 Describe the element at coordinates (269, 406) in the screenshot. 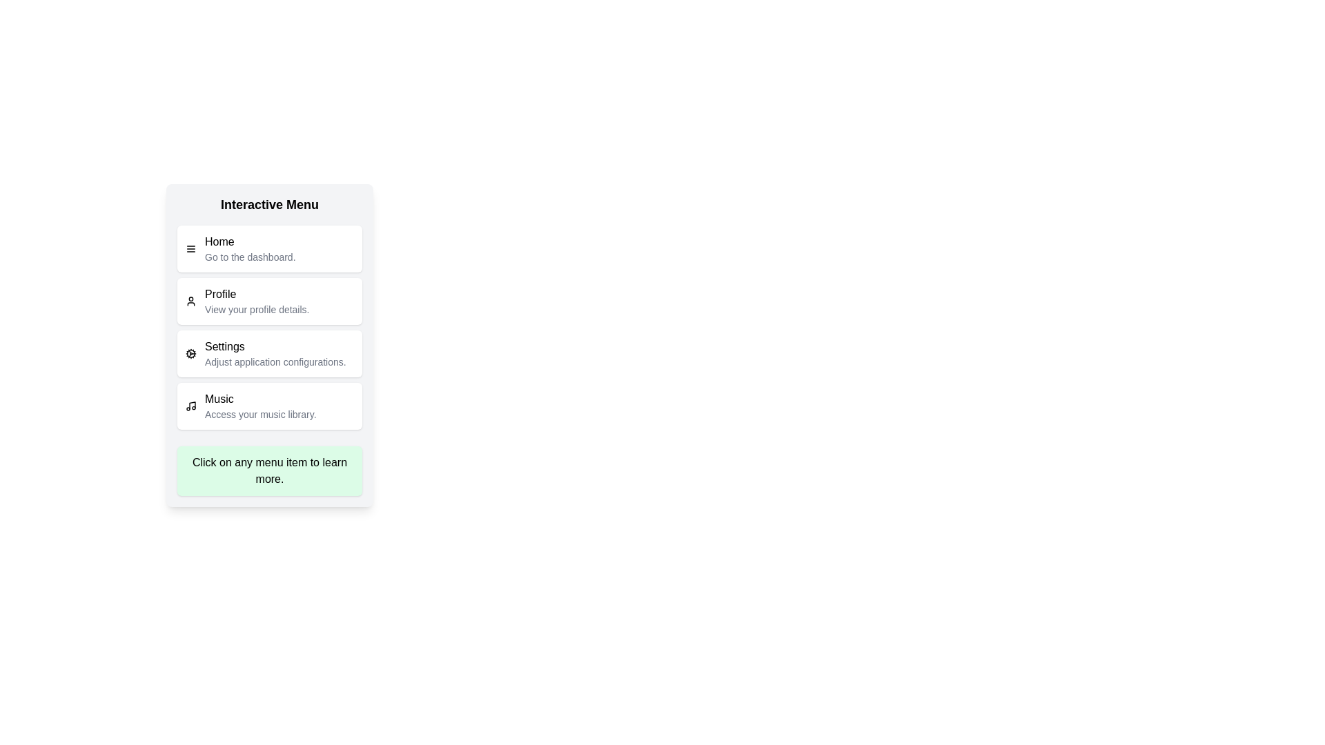

I see `the menu item labeled Music to see its hover effect` at that location.